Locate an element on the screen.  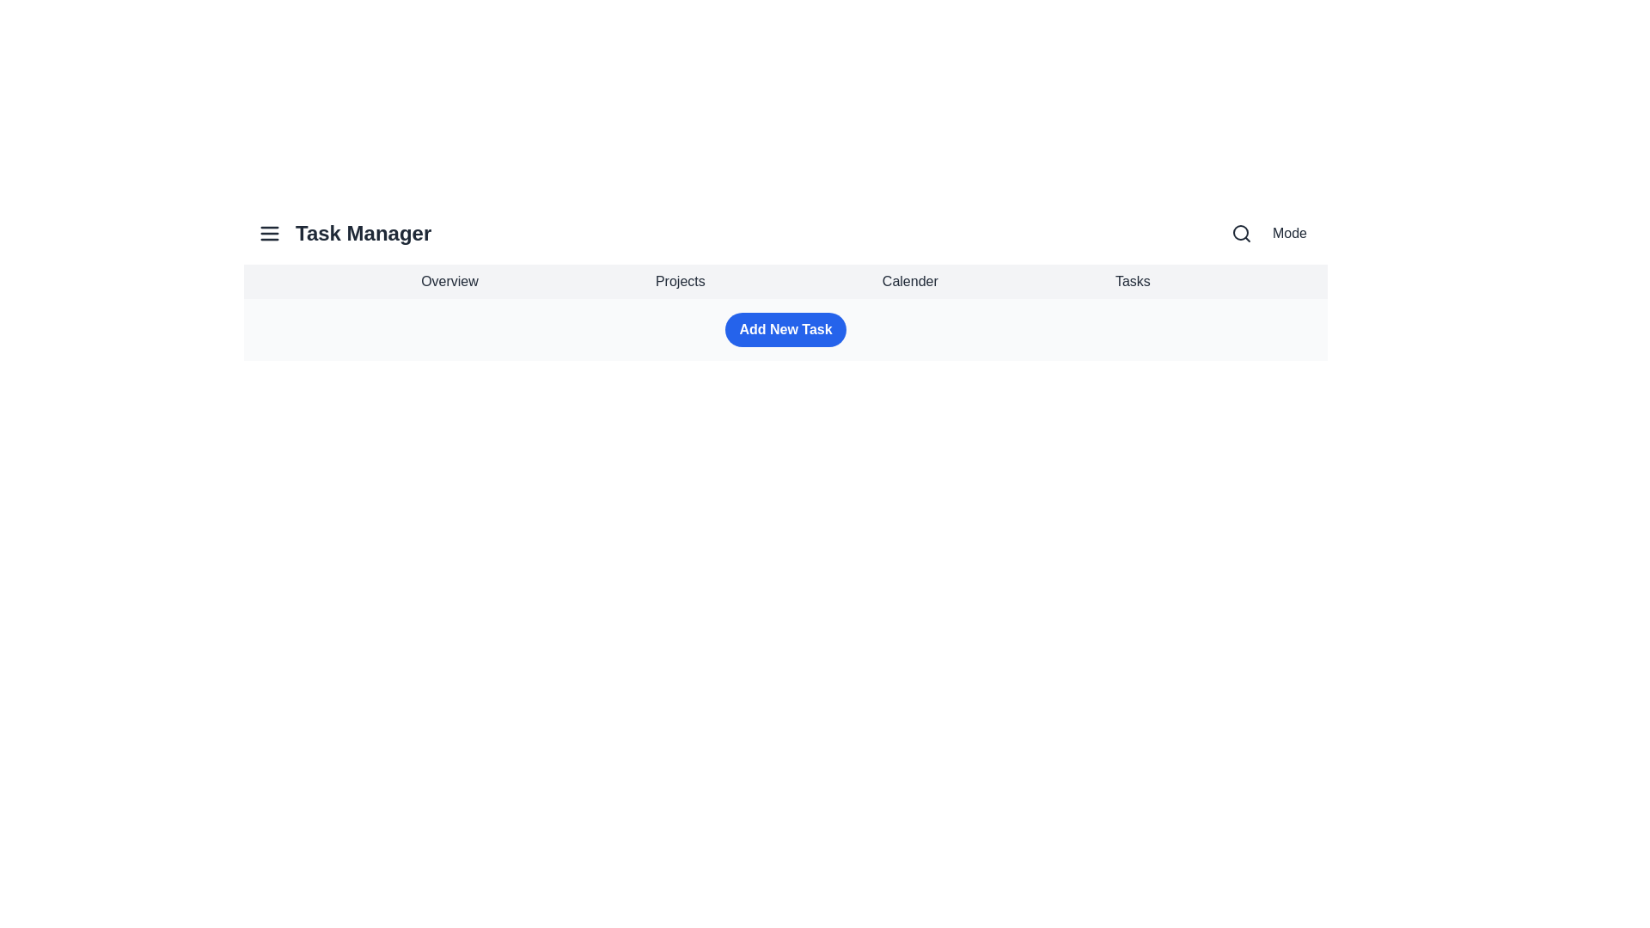
the search icon to initiate the search is located at coordinates (1241, 234).